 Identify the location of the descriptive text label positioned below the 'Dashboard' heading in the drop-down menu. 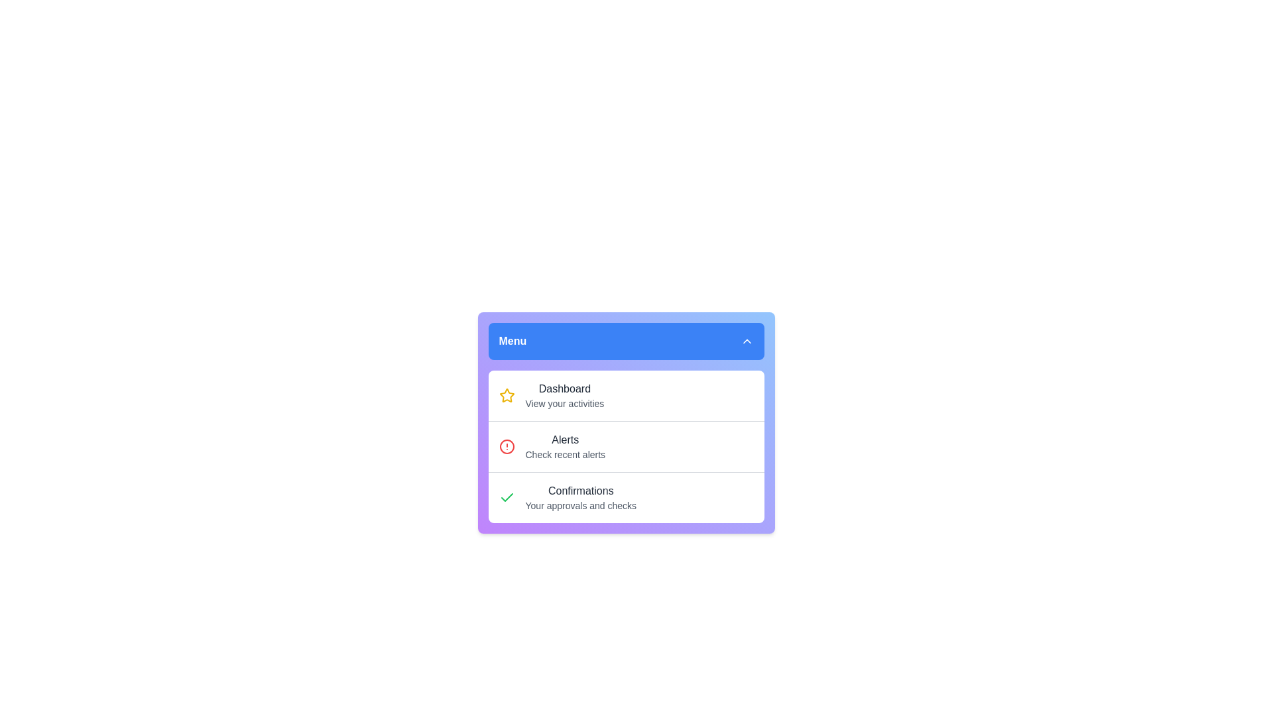
(564, 403).